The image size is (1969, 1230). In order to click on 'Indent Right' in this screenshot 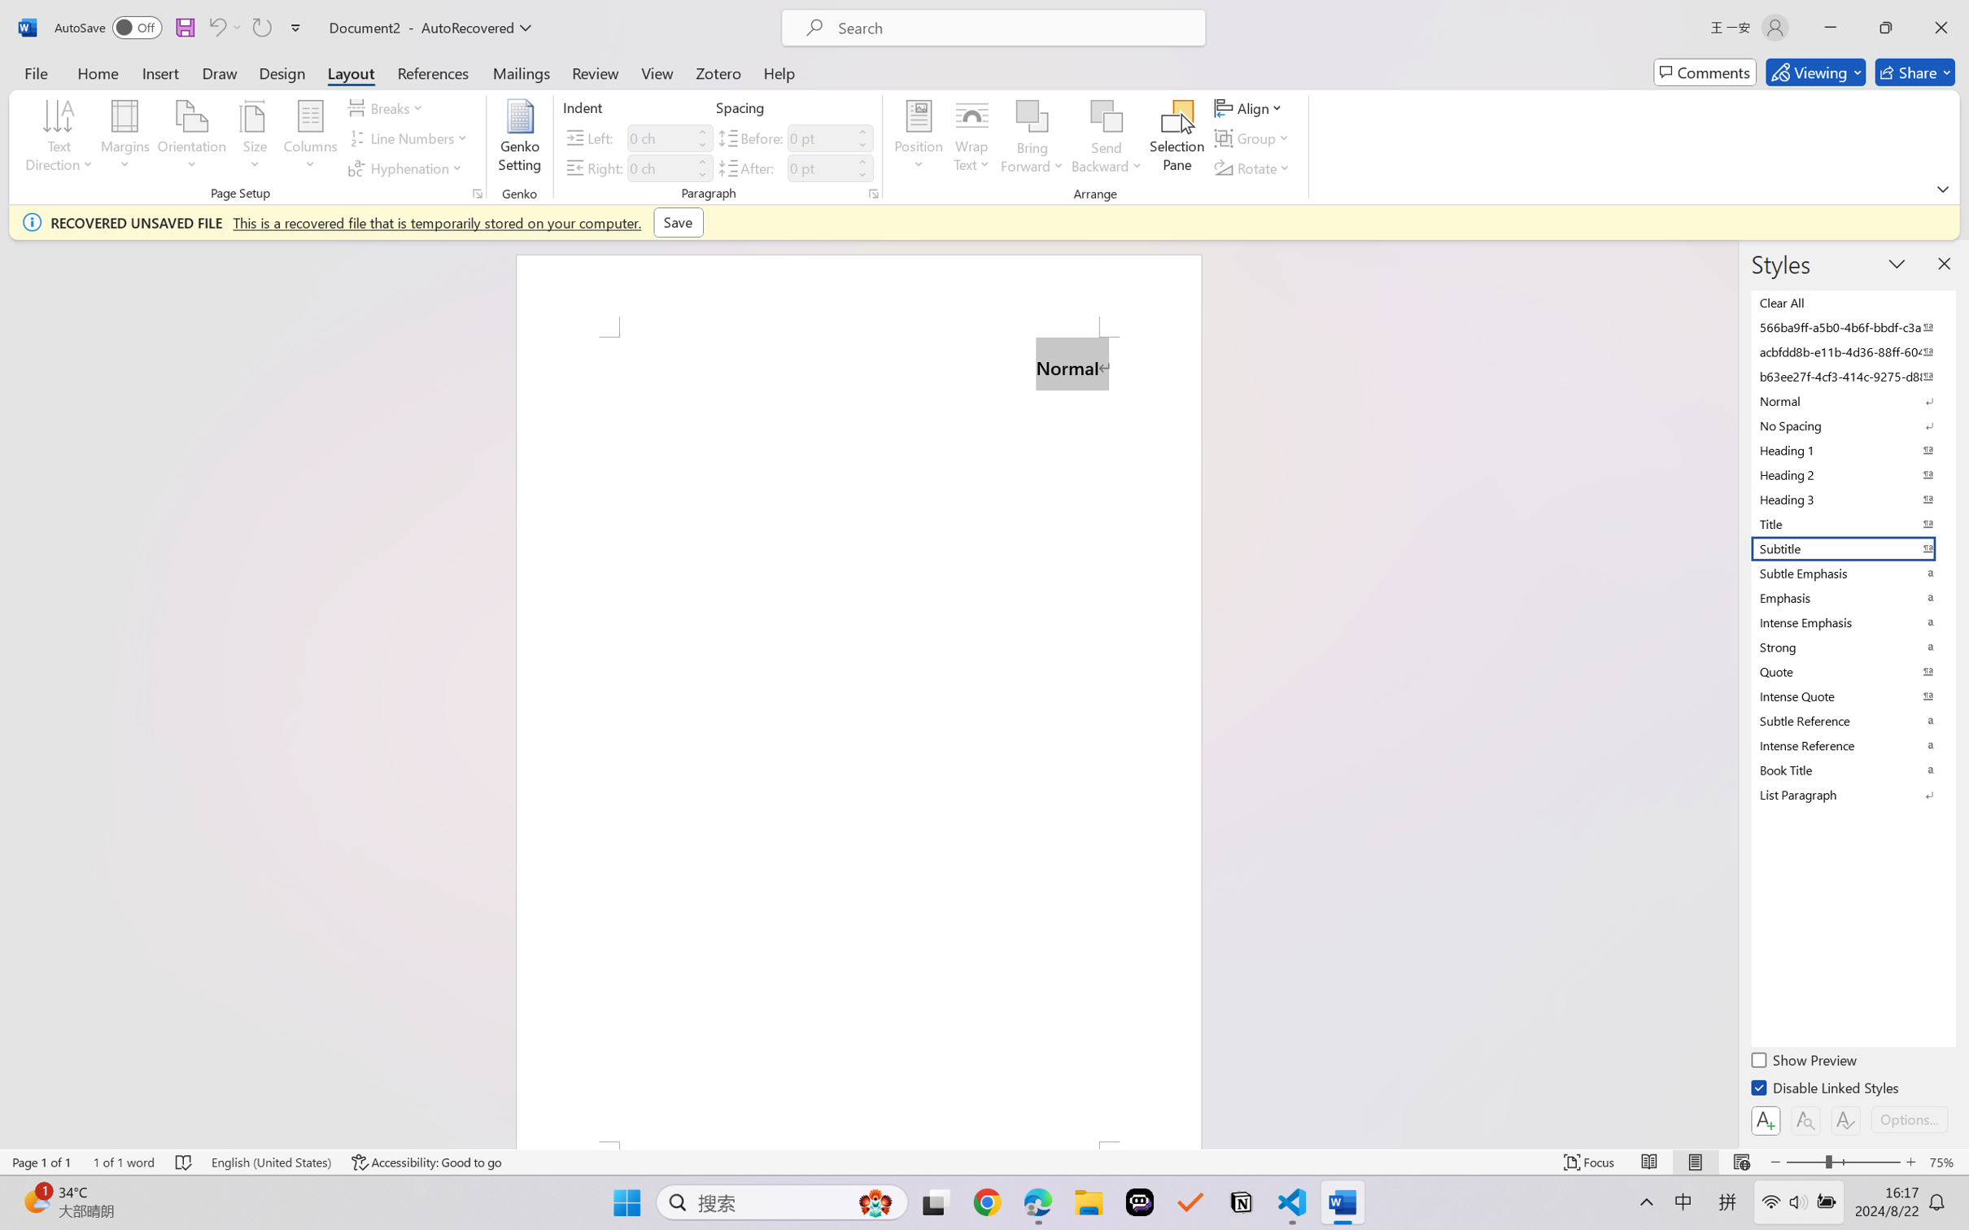, I will do `click(659, 167)`.